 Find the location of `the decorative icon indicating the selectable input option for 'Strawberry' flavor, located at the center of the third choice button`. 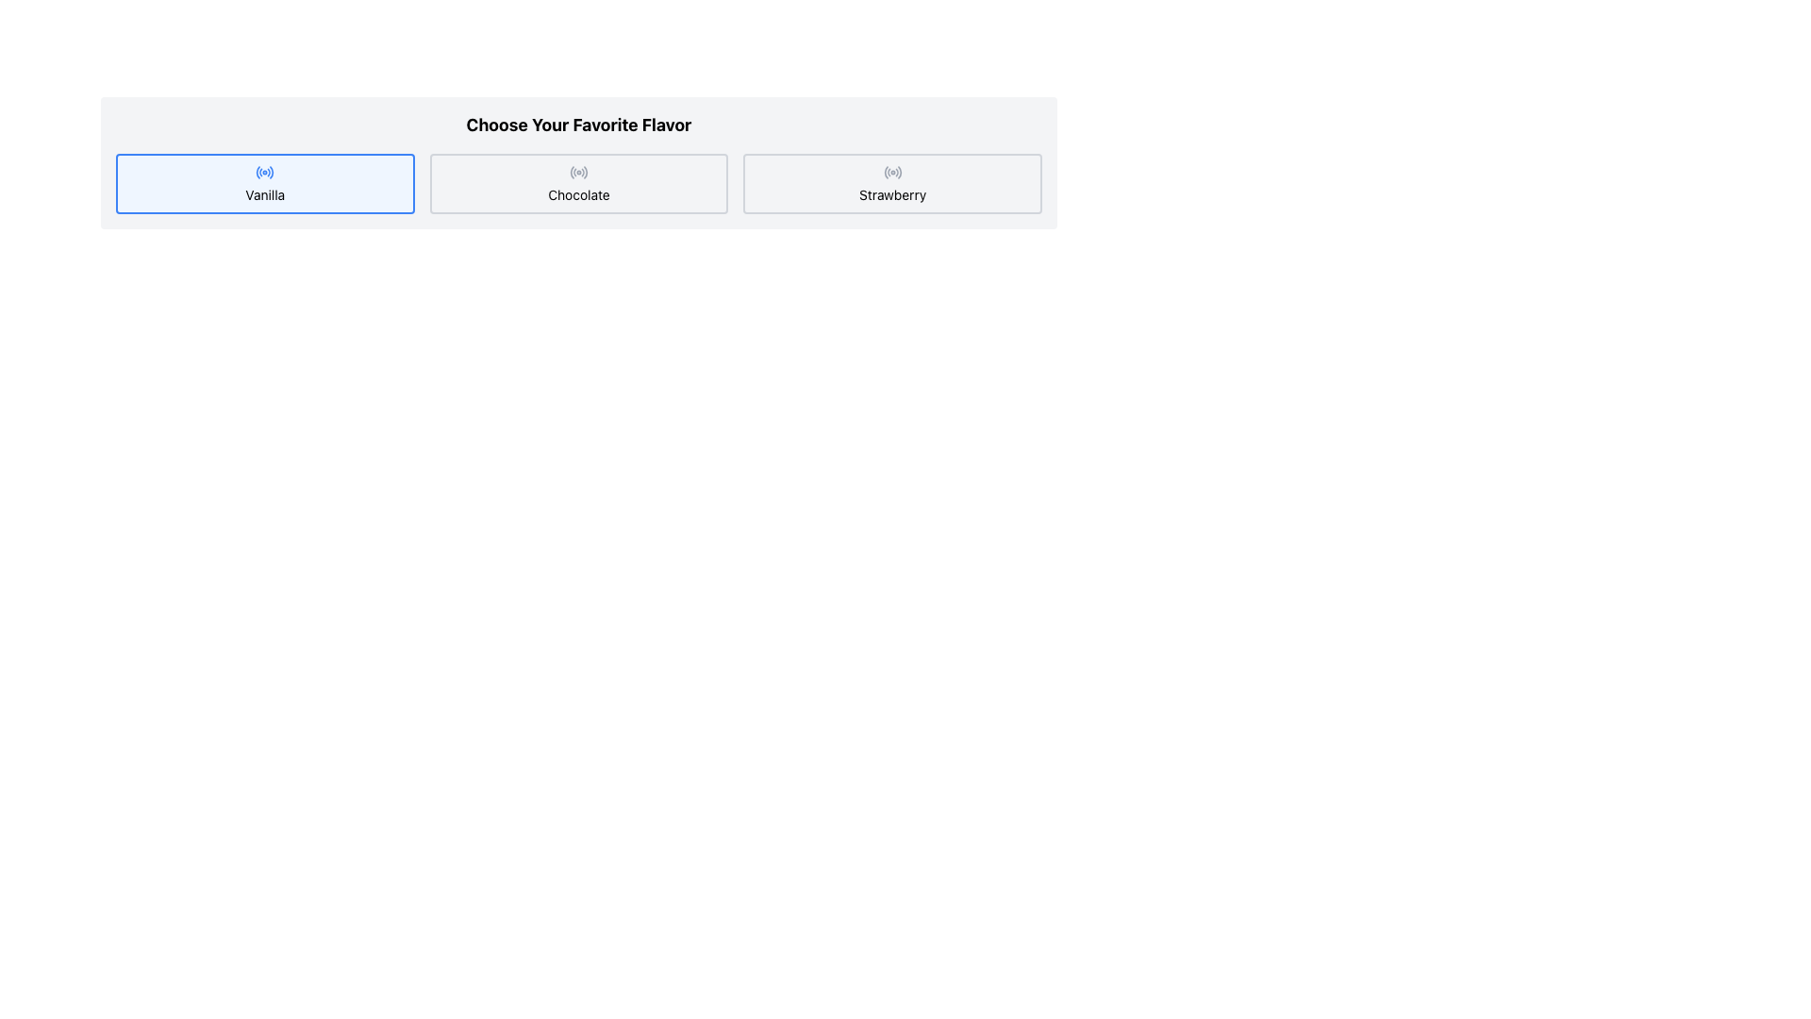

the decorative icon indicating the selectable input option for 'Strawberry' flavor, located at the center of the third choice button is located at coordinates (891, 172).